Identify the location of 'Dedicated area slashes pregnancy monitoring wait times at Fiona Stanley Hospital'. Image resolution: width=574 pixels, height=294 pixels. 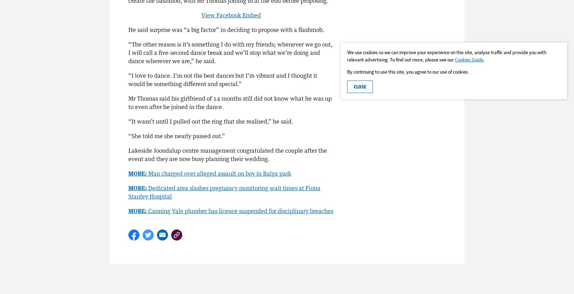
(224, 191).